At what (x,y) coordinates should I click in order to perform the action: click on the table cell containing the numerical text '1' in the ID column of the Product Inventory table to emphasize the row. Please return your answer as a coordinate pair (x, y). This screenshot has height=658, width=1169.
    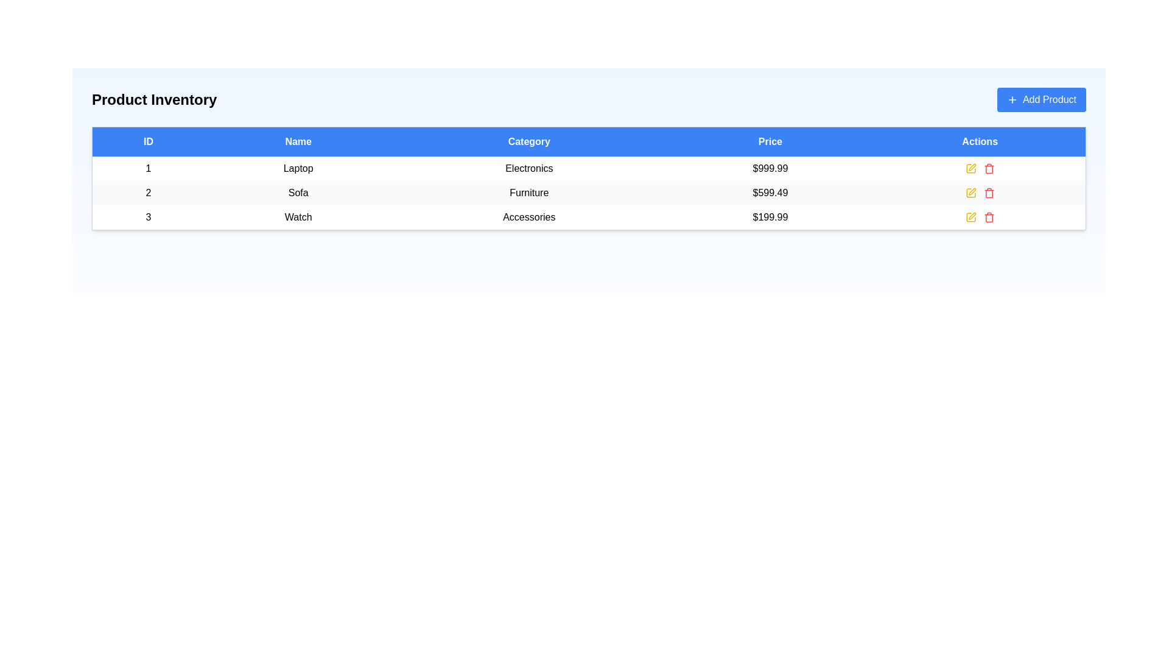
    Looking at the image, I should click on (147, 169).